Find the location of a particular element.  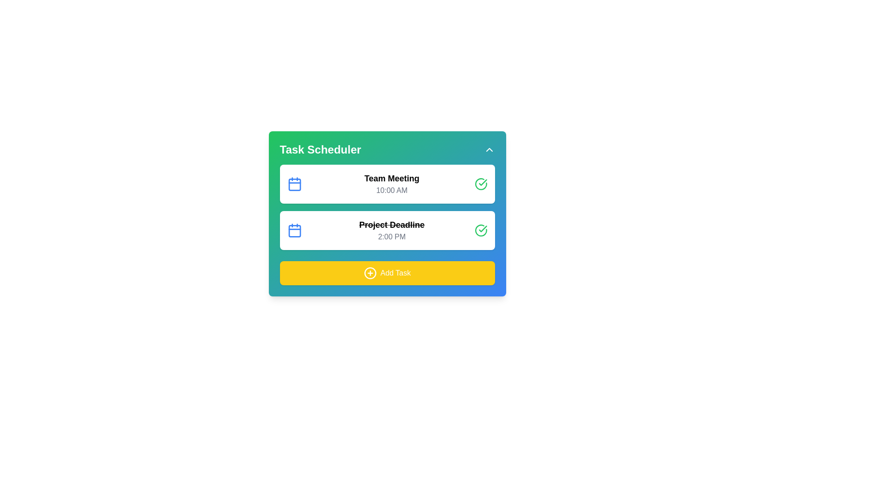

the static text label displaying '2:00 PM', which is located beneath the 'Project Deadline' title in the second task card is located at coordinates (392, 236).